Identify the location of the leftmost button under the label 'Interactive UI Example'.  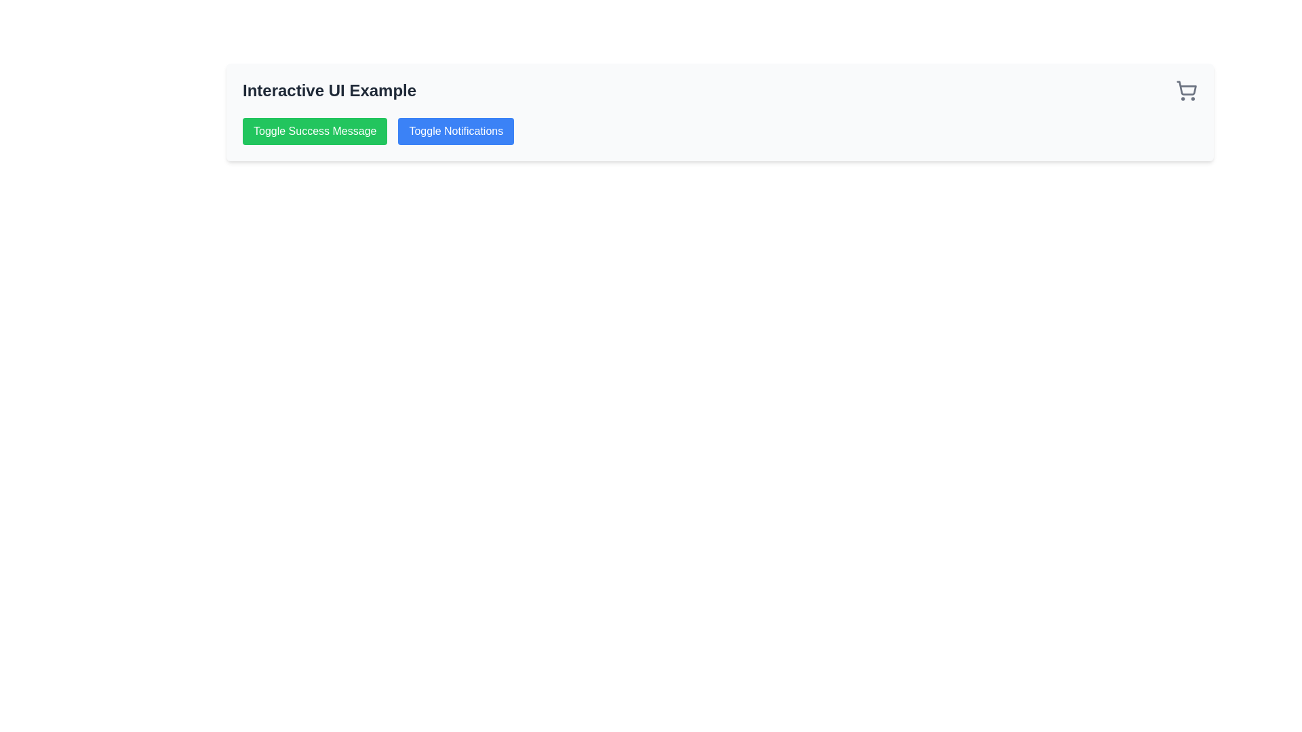
(314, 131).